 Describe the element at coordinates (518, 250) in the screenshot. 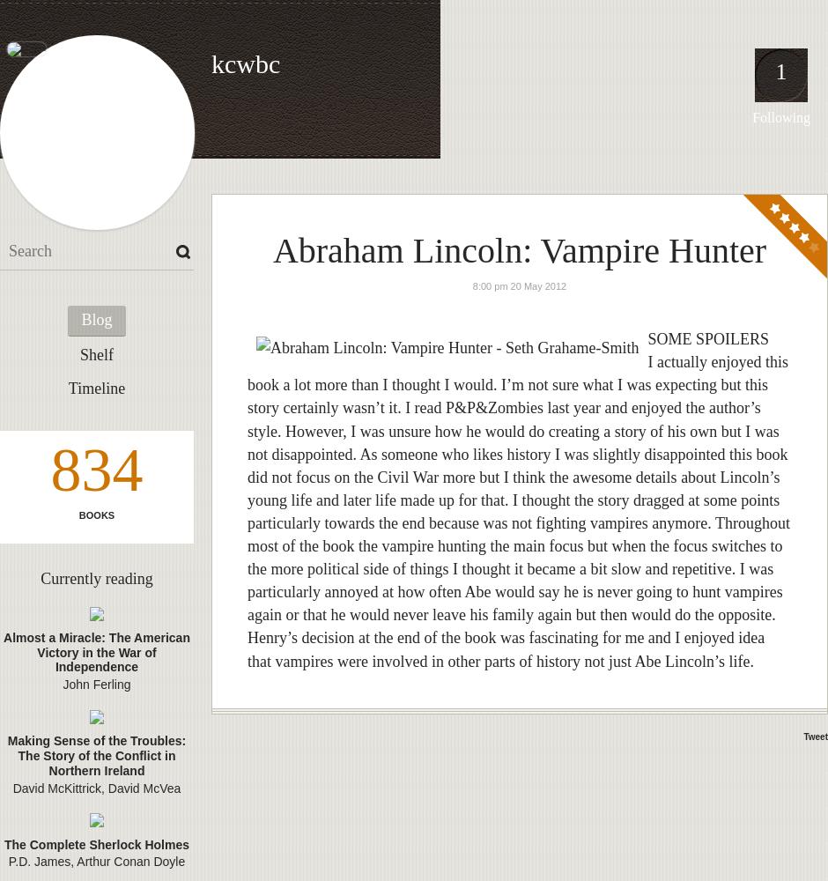

I see `'Abraham Lincoln: Vampire Hunter'` at that location.